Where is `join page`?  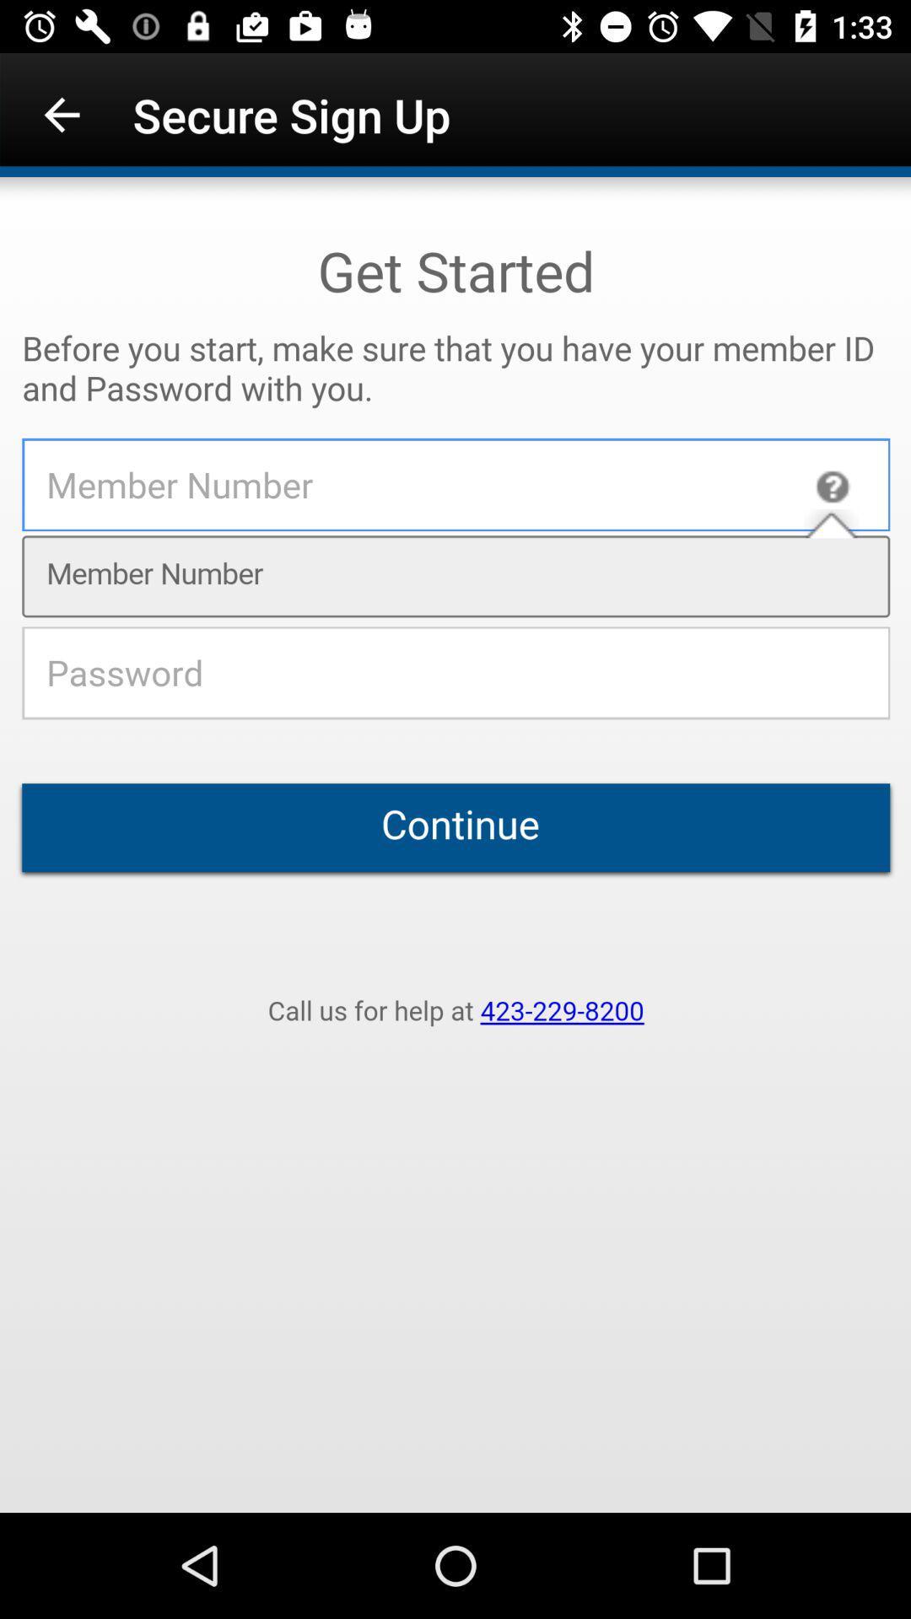
join page is located at coordinates (455, 845).